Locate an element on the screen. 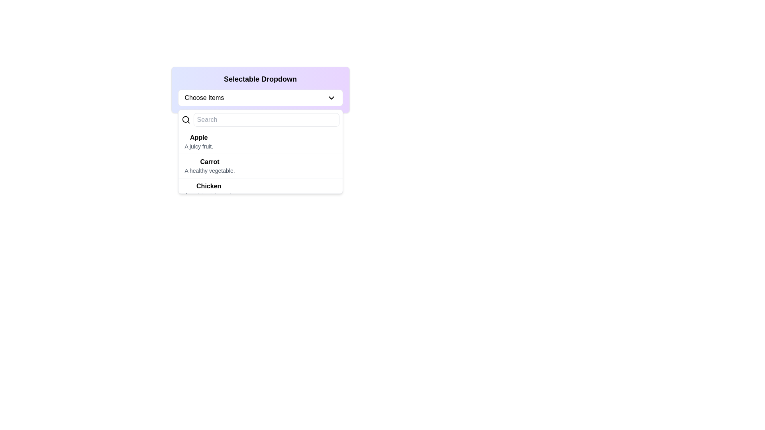 The height and width of the screenshot is (430, 765). the second item in the 'Selectable Dropdown' list, which displays 'Carrot' is located at coordinates (260, 166).